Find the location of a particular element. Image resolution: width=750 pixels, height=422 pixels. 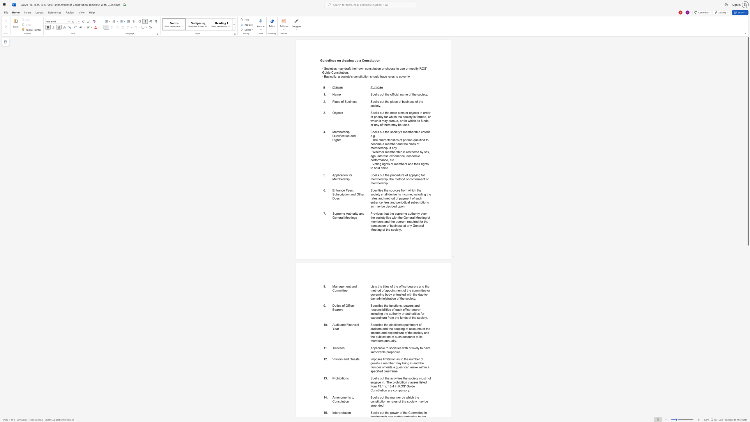

the scrollbar to move the page down is located at coordinates (748, 354).